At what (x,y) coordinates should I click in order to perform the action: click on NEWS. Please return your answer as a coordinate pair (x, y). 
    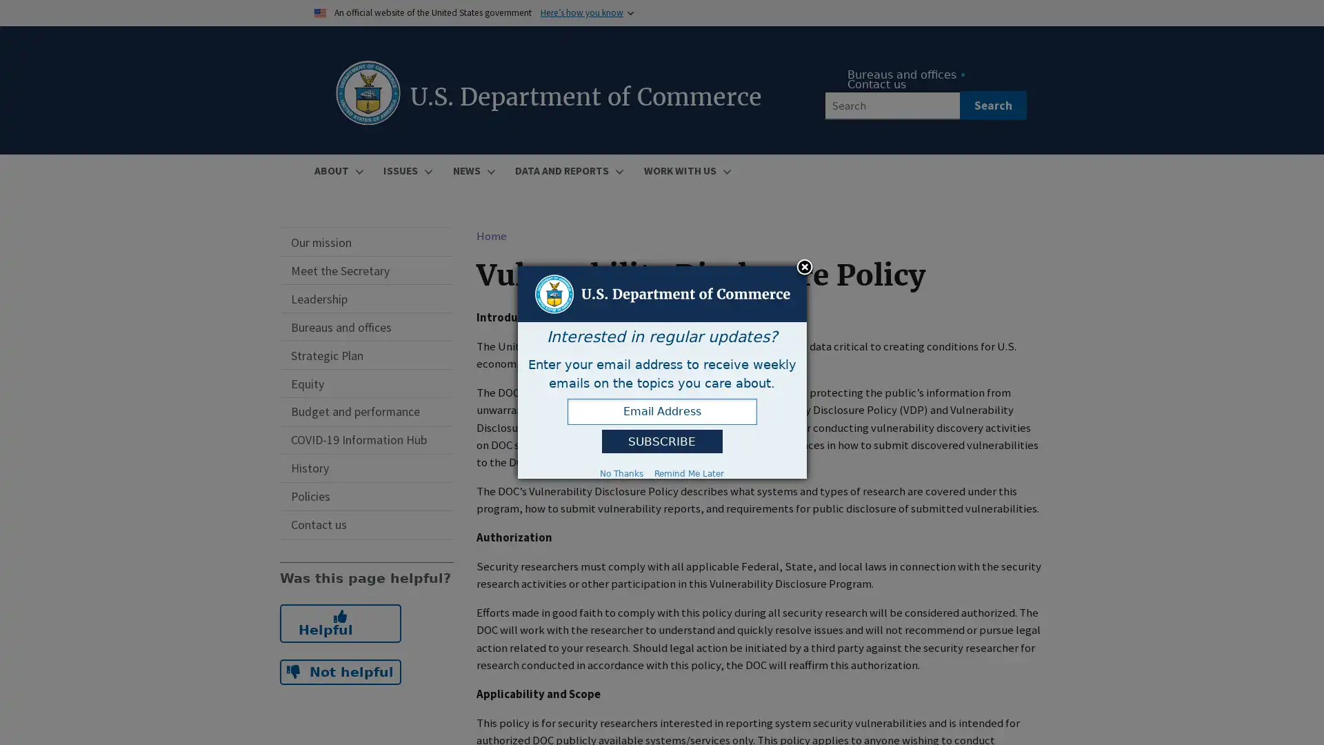
    Looking at the image, I should click on (472, 170).